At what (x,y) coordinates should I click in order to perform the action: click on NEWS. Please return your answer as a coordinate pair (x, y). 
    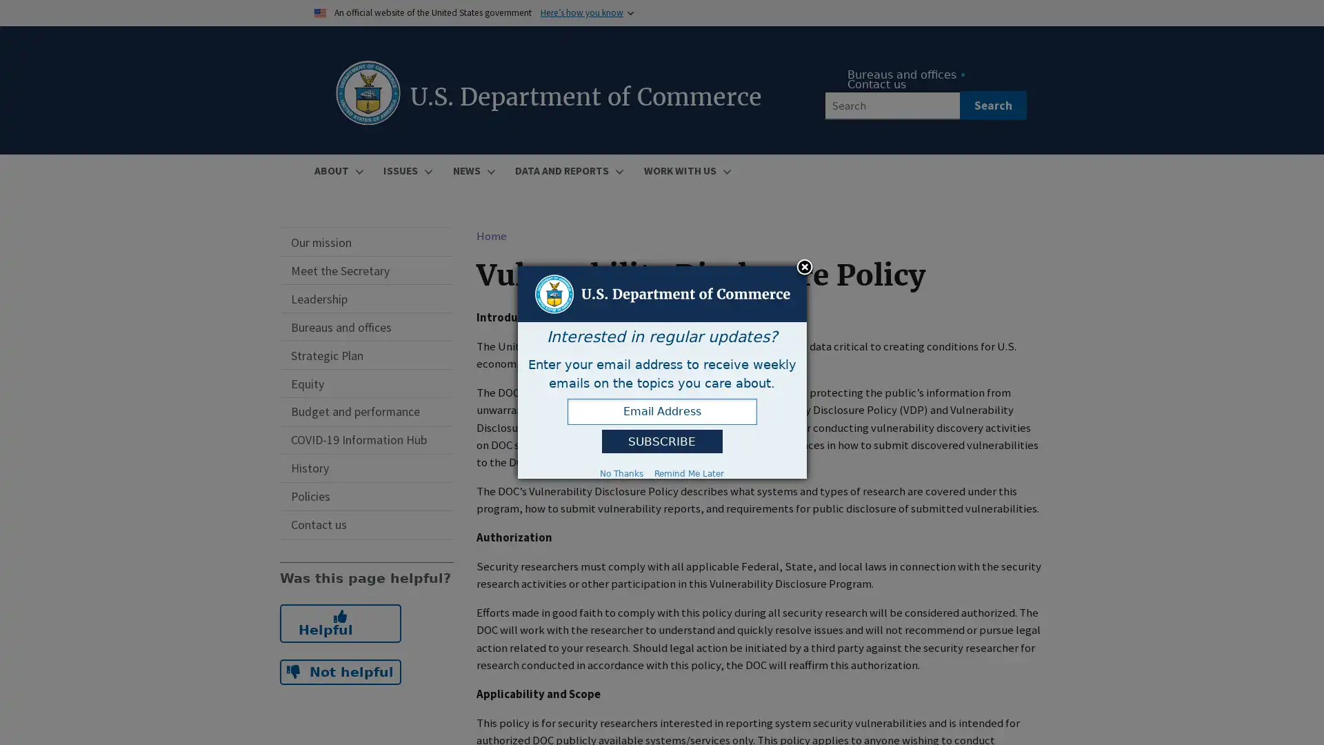
    Looking at the image, I should click on (472, 170).